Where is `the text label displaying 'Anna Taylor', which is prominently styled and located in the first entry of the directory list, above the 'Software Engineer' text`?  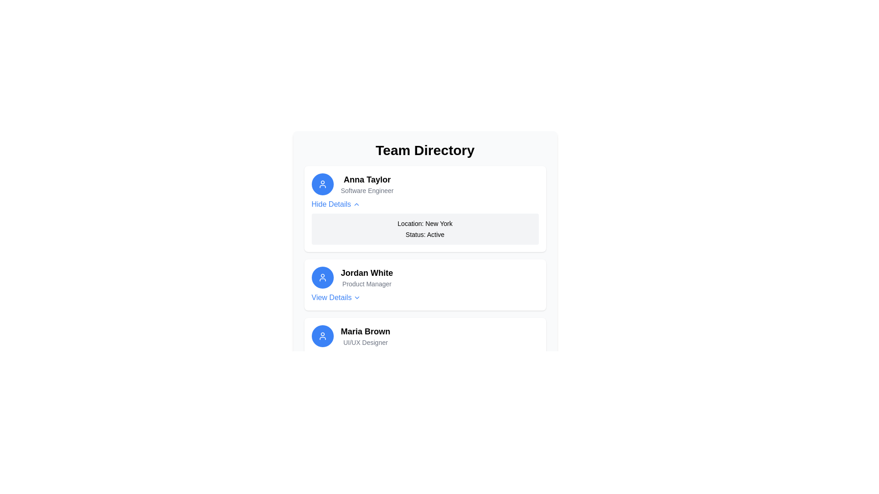 the text label displaying 'Anna Taylor', which is prominently styled and located in the first entry of the directory list, above the 'Software Engineer' text is located at coordinates (367, 180).